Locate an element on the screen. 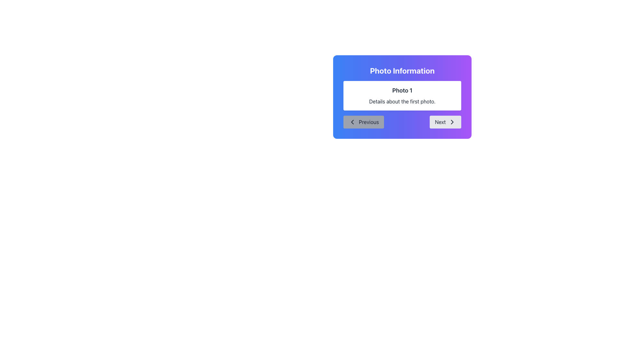 Image resolution: width=618 pixels, height=347 pixels. the 'Next' button located at the bottom-right corner of the panel is located at coordinates (452, 122).